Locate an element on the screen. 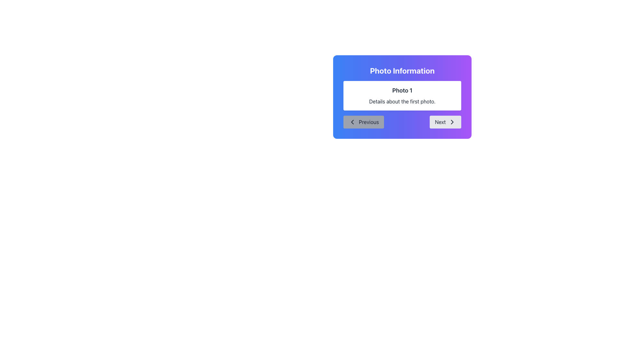 Image resolution: width=618 pixels, height=347 pixels. the 'Next' button located at the bottom-right corner of the panel is located at coordinates (452, 122).